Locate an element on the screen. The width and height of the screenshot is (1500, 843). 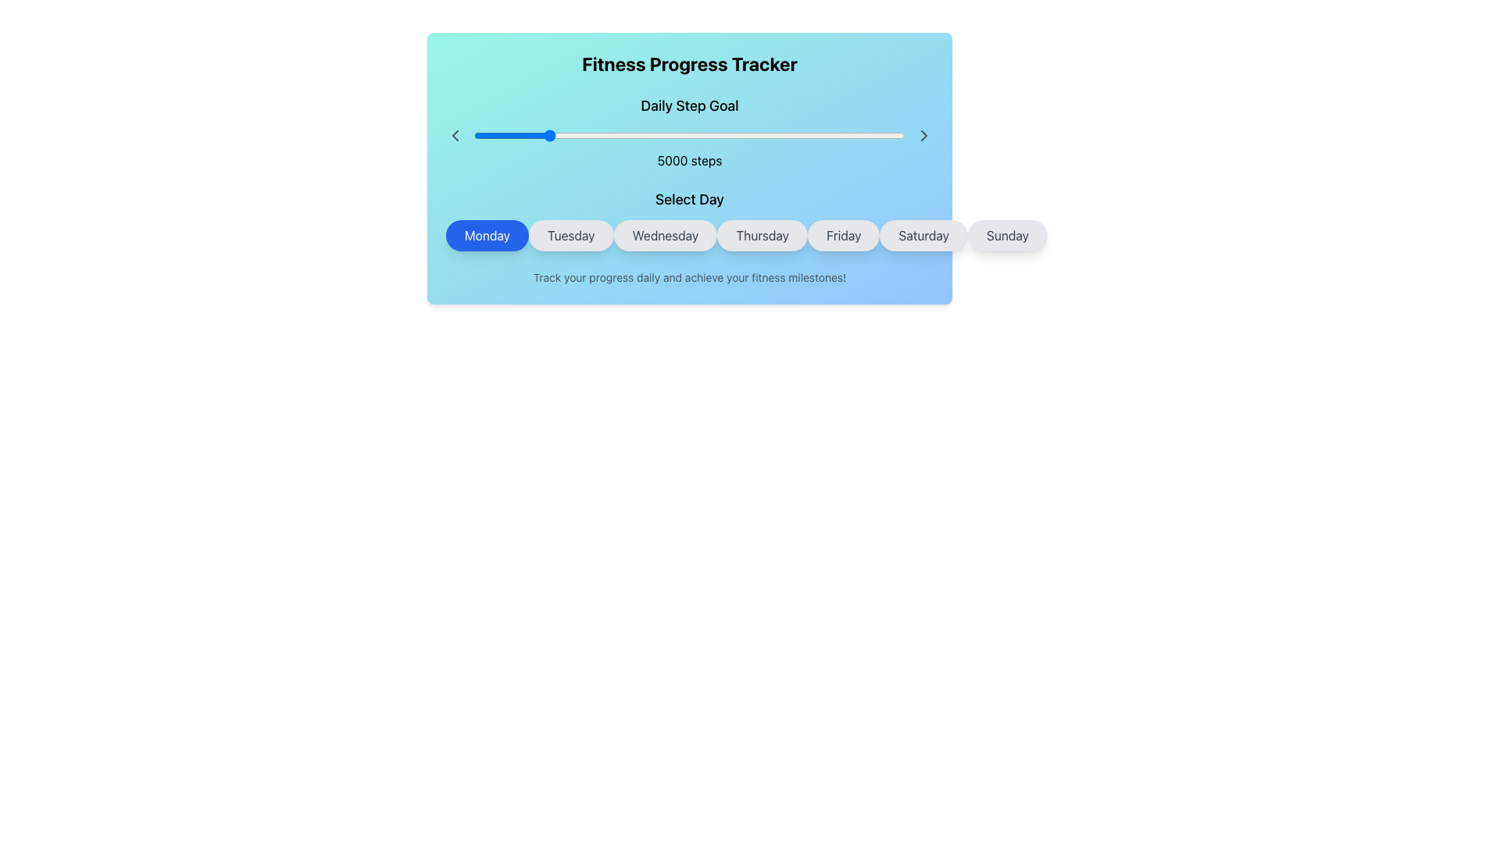
the 'Monday' button located at the top-left position of the row of buttons representing days of the week, beneath the 'Select Day' label is located at coordinates (487, 235).